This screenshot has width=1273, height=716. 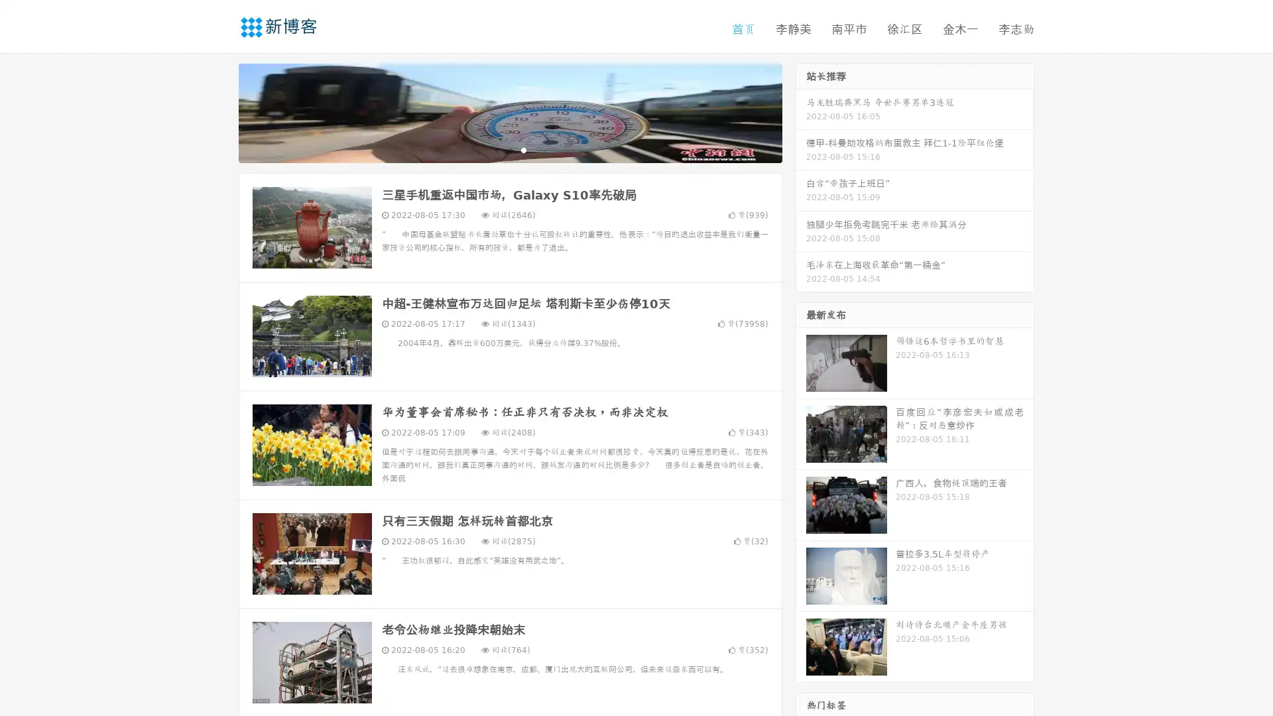 What do you see at coordinates (219, 111) in the screenshot?
I see `Previous slide` at bounding box center [219, 111].